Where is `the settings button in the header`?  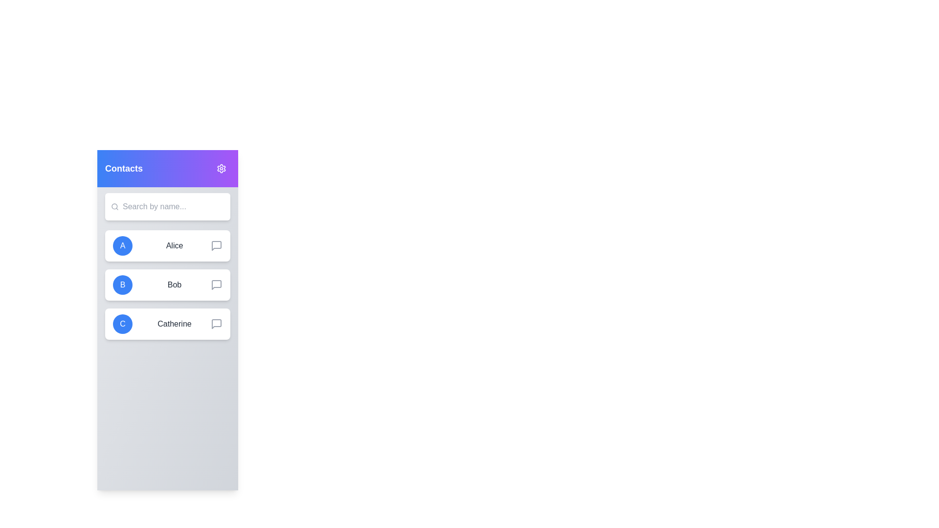 the settings button in the header is located at coordinates (221, 168).